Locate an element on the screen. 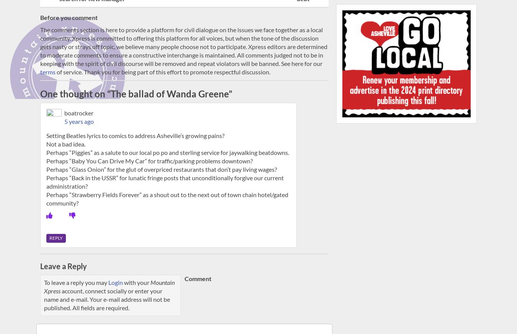 This screenshot has width=517, height=334. 'Reply' is located at coordinates (56, 237).